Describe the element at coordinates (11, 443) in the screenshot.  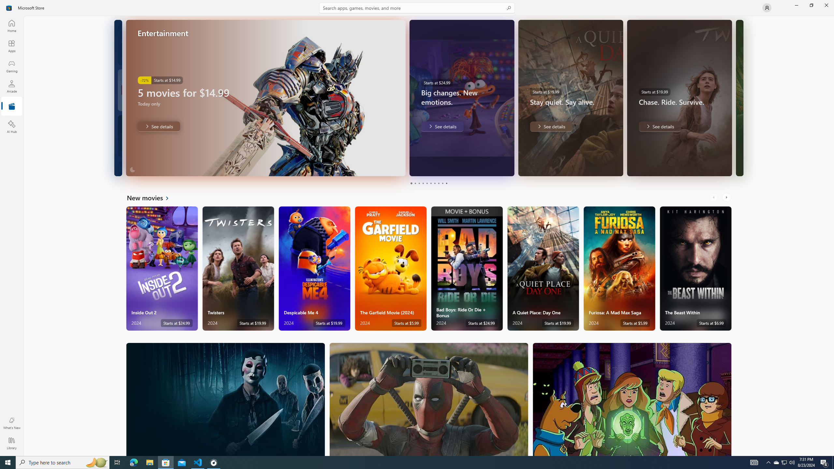
I see `'Library'` at that location.